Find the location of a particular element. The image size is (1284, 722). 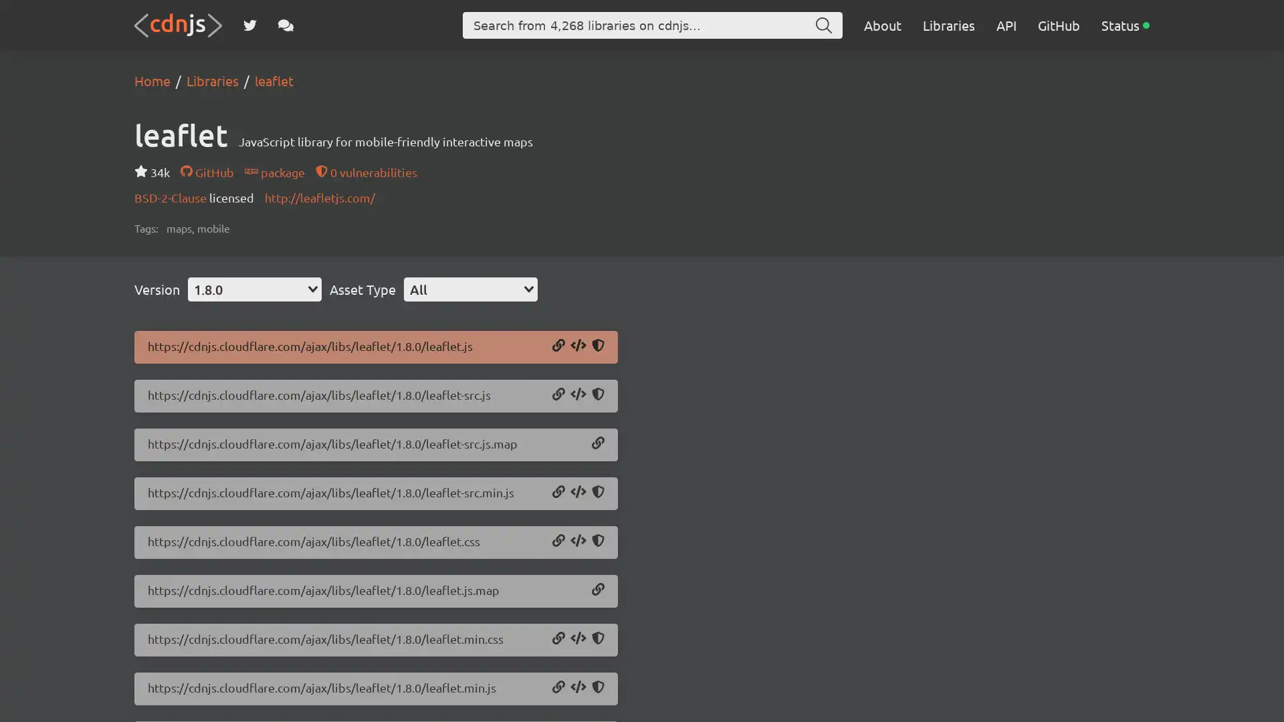

Copy SRI Hash is located at coordinates (597, 493).